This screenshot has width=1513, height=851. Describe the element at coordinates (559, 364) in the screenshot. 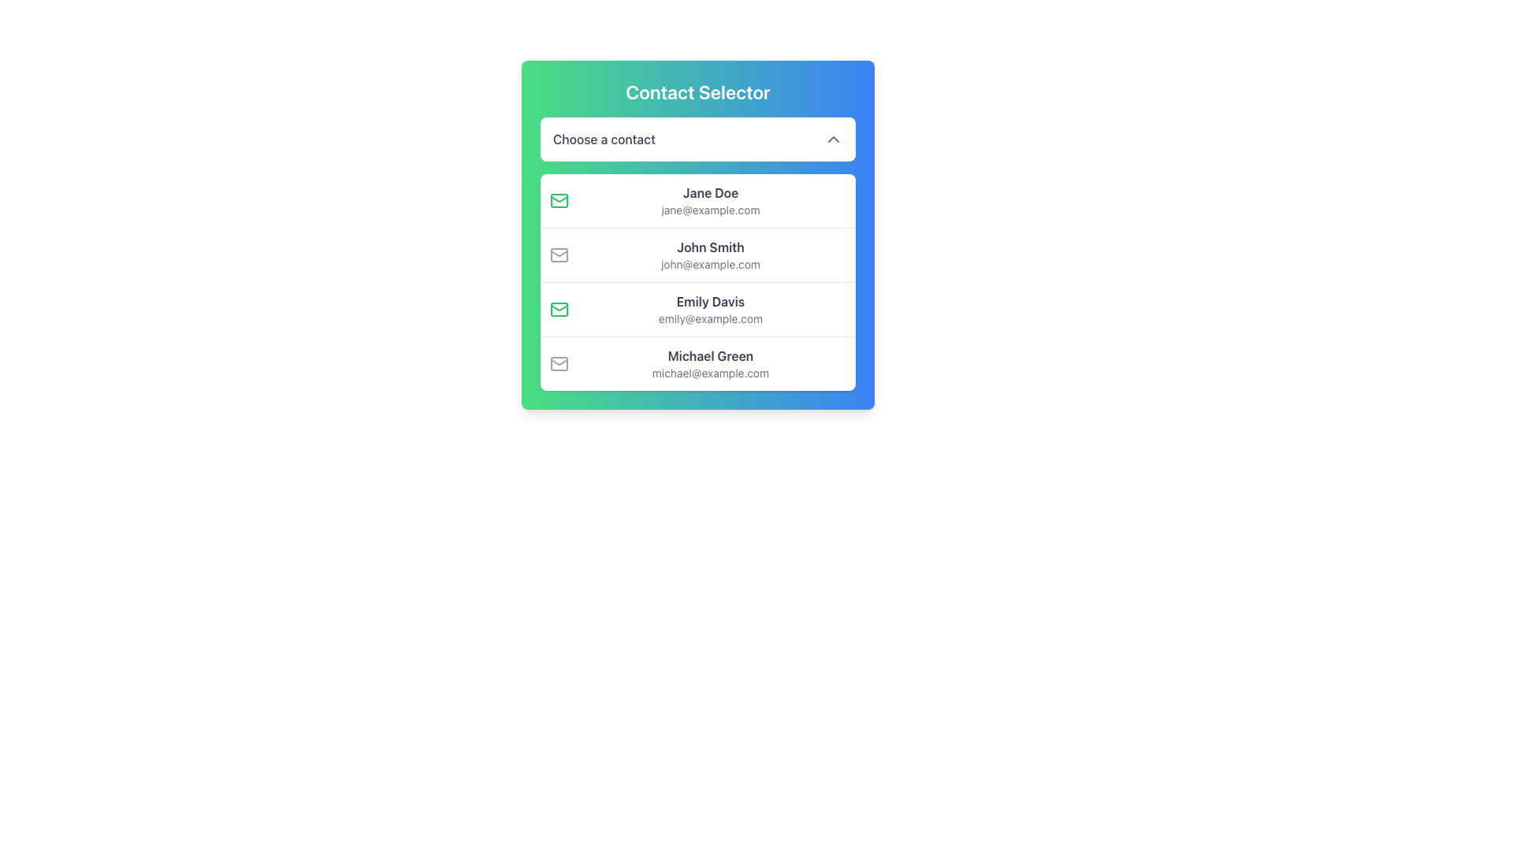

I see `the envelope icon located to the left of the name 'Michael Green' and the email 'michael@example.com' in the contact list of the 'Contact Selector'` at that location.